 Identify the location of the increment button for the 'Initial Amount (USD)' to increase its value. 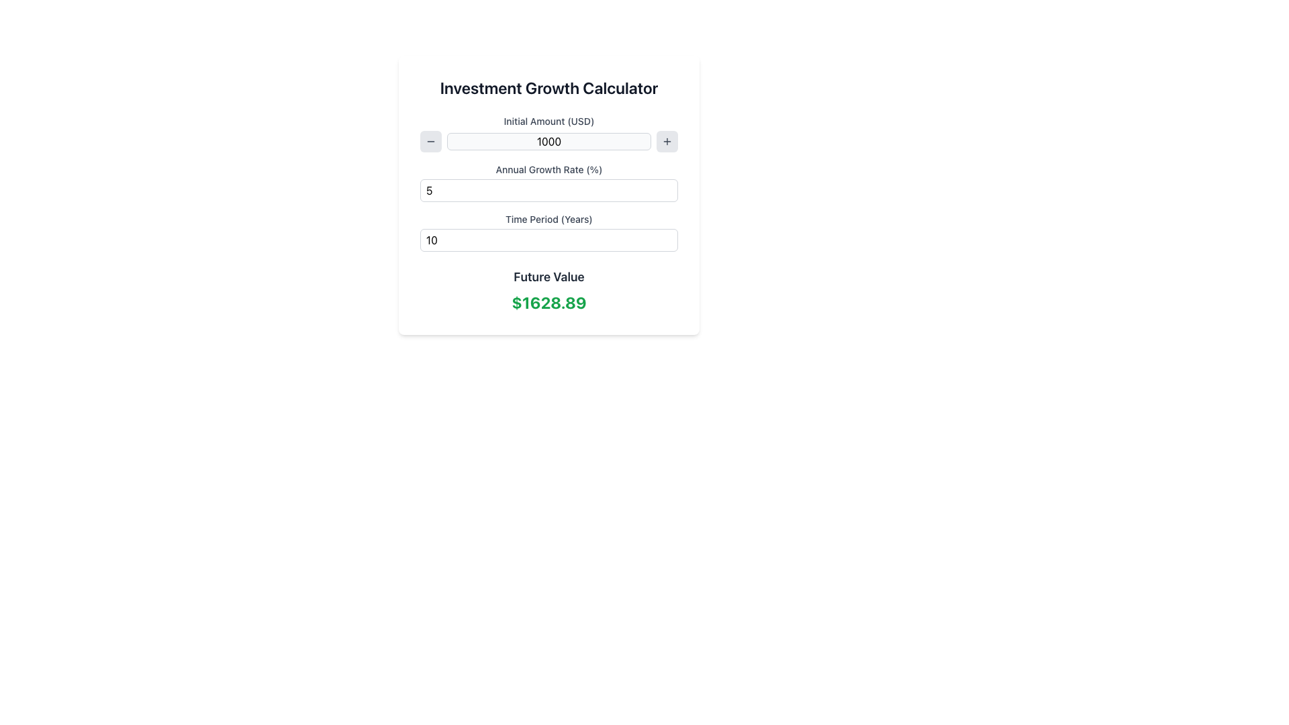
(667, 142).